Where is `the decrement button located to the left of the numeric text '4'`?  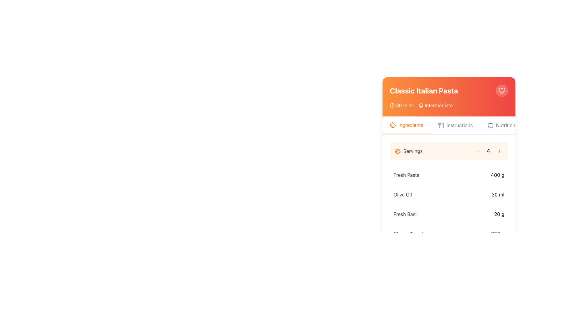
the decrement button located to the left of the numeric text '4' is located at coordinates (477, 151).